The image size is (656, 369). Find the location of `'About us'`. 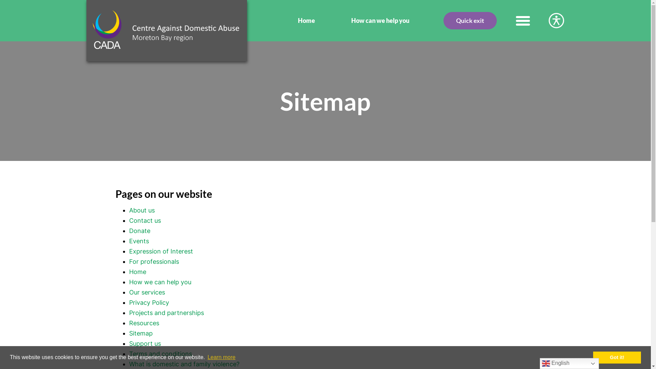

'About us' is located at coordinates (141, 210).